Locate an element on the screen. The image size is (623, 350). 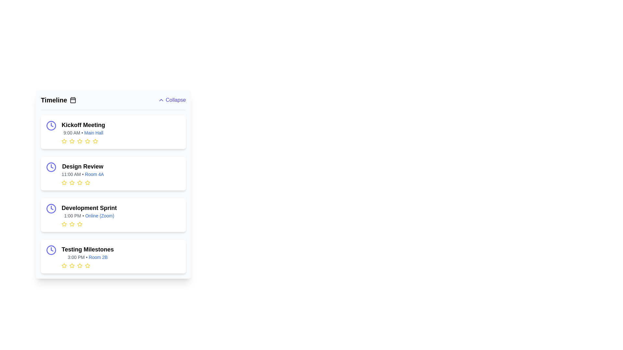
the last star icon with a yellow outline under the 'Testing Milestones' list item is located at coordinates (87, 266).